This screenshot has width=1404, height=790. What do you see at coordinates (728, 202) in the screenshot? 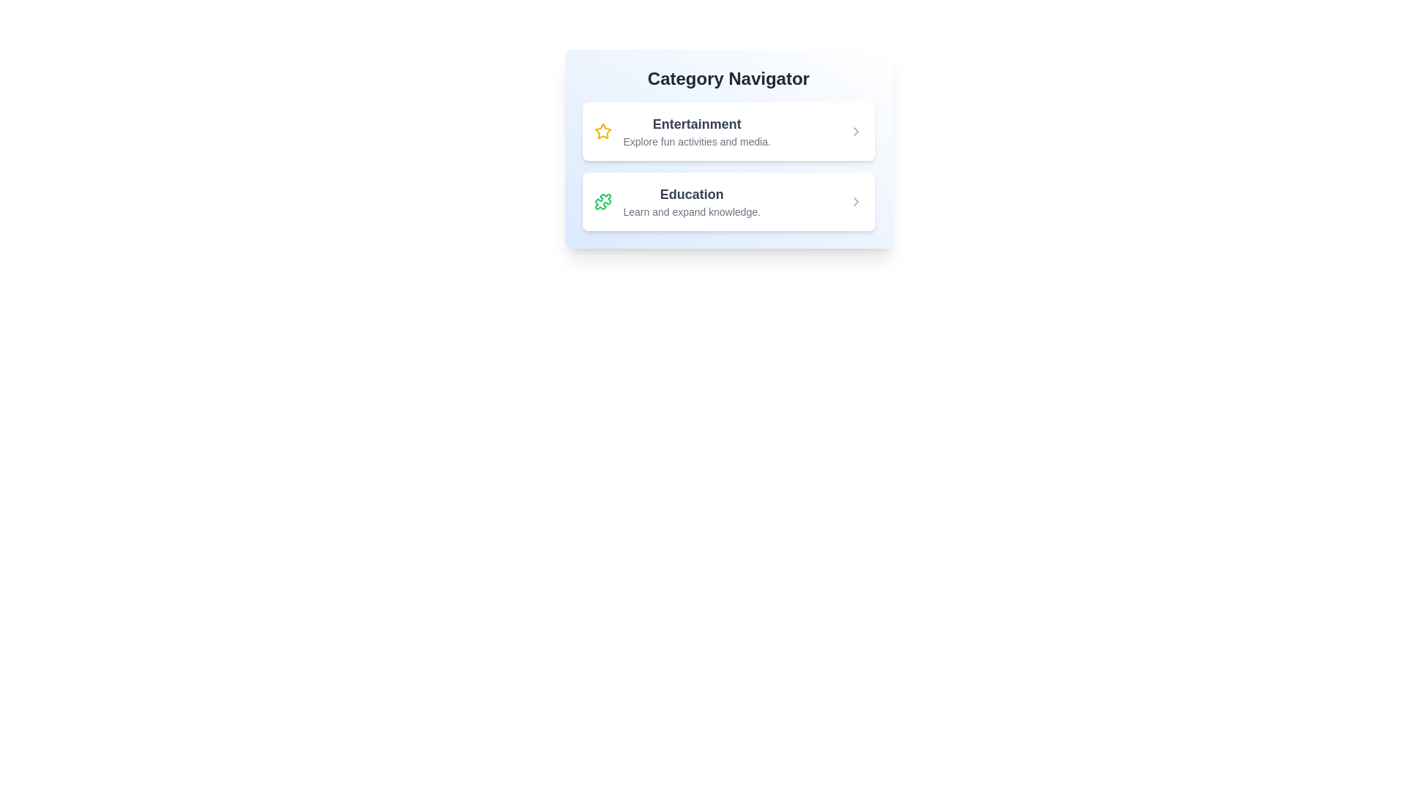
I see `the 'Education' navigation list item` at bounding box center [728, 202].